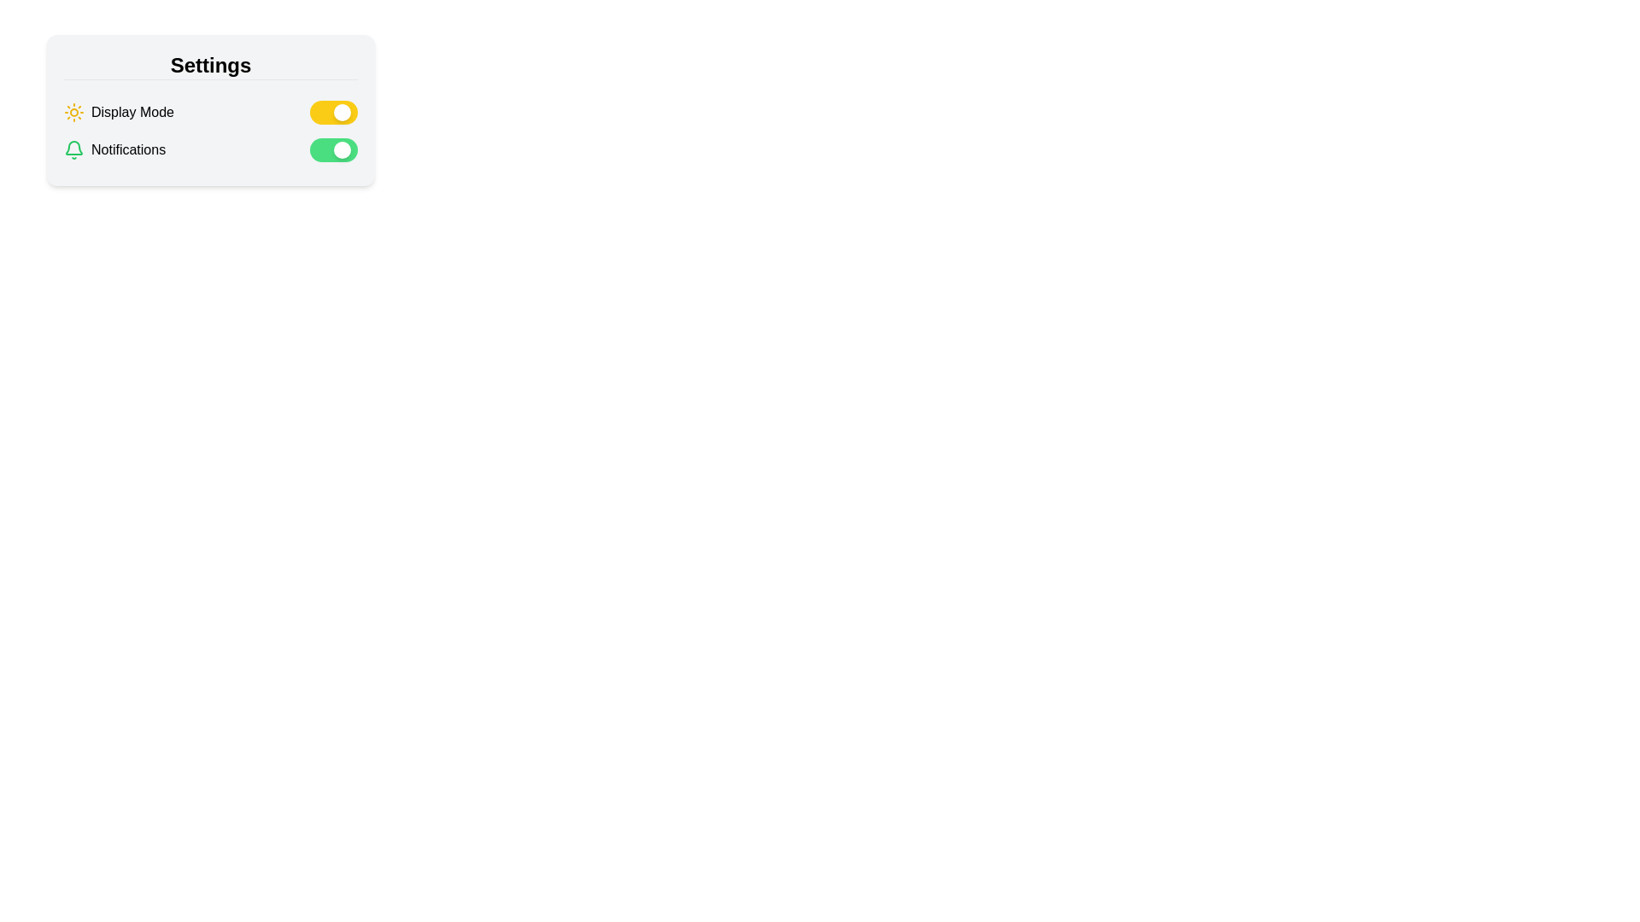 This screenshot has height=922, width=1640. Describe the element at coordinates (342, 149) in the screenshot. I see `the toggle handle for the 'Notifications' setting` at that location.